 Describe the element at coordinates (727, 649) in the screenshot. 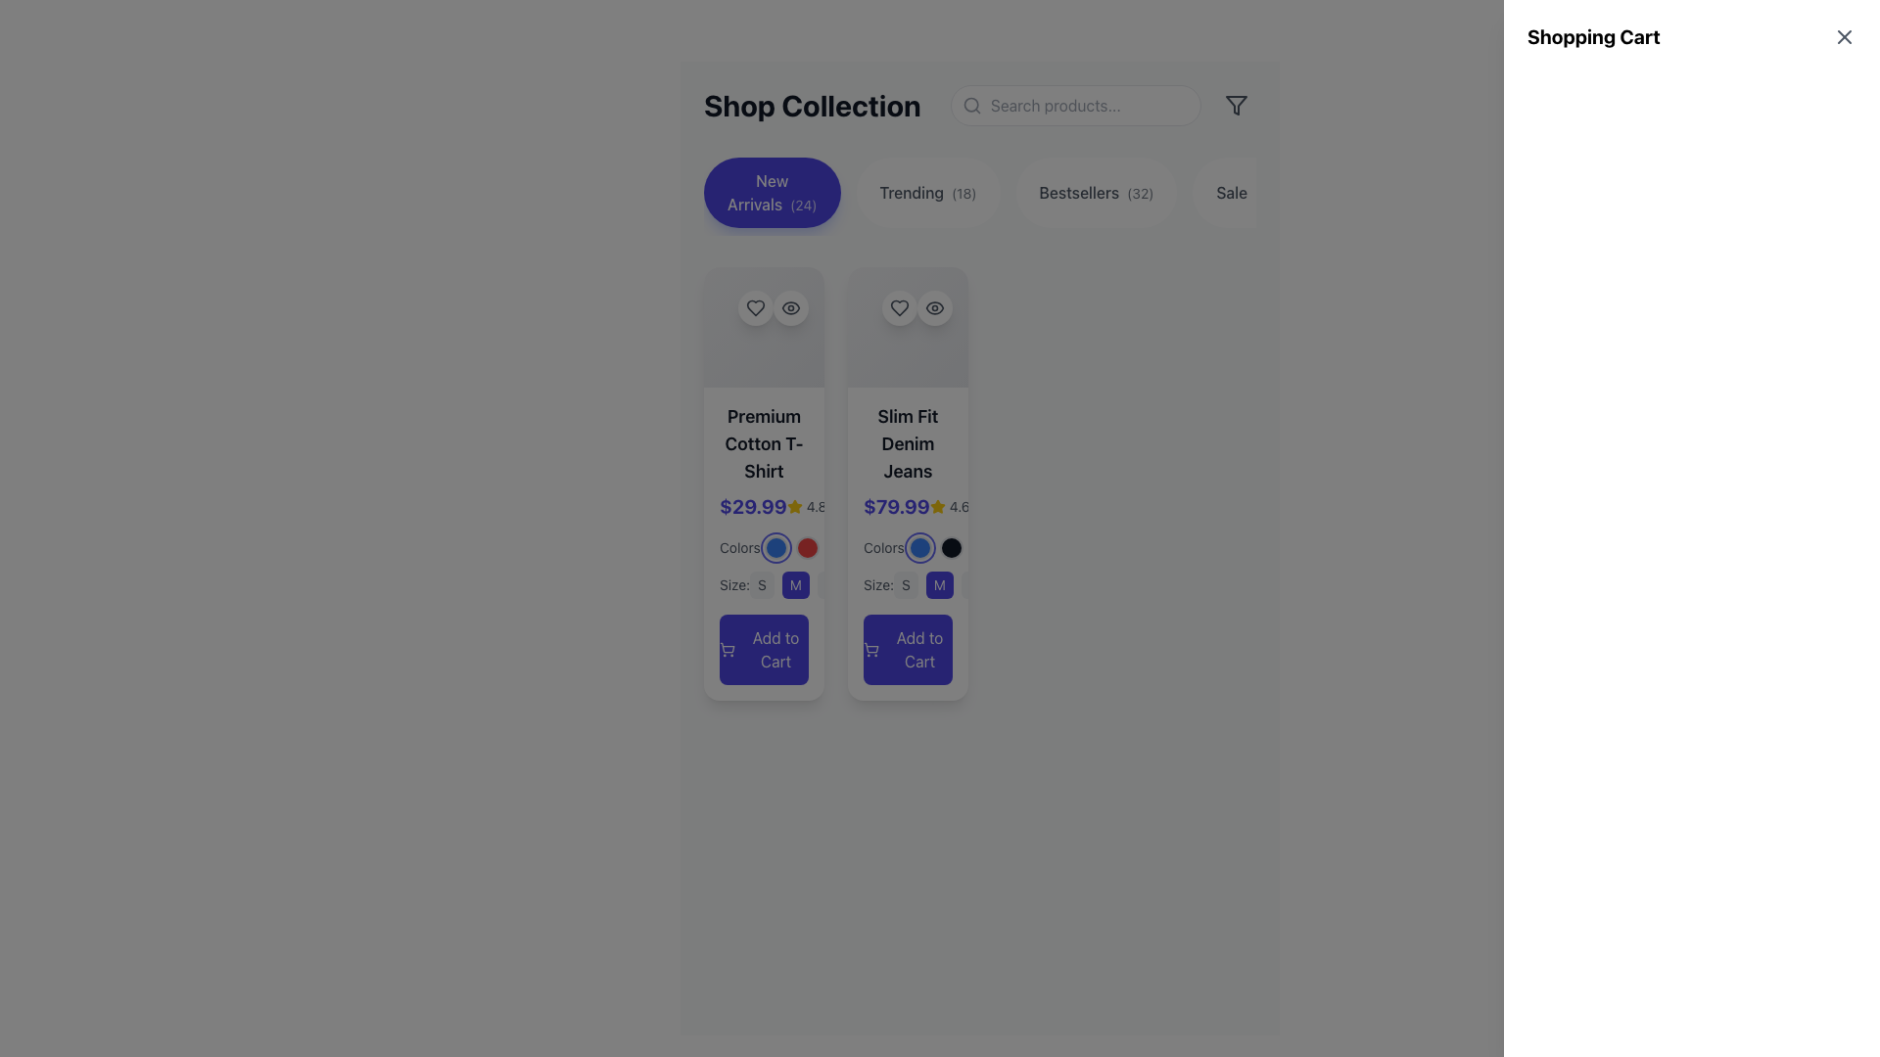

I see `the shopping cart icon, which is a minimalist outline styled as a basket on wheels, located to the left of the 'Add to Cart' button` at that location.